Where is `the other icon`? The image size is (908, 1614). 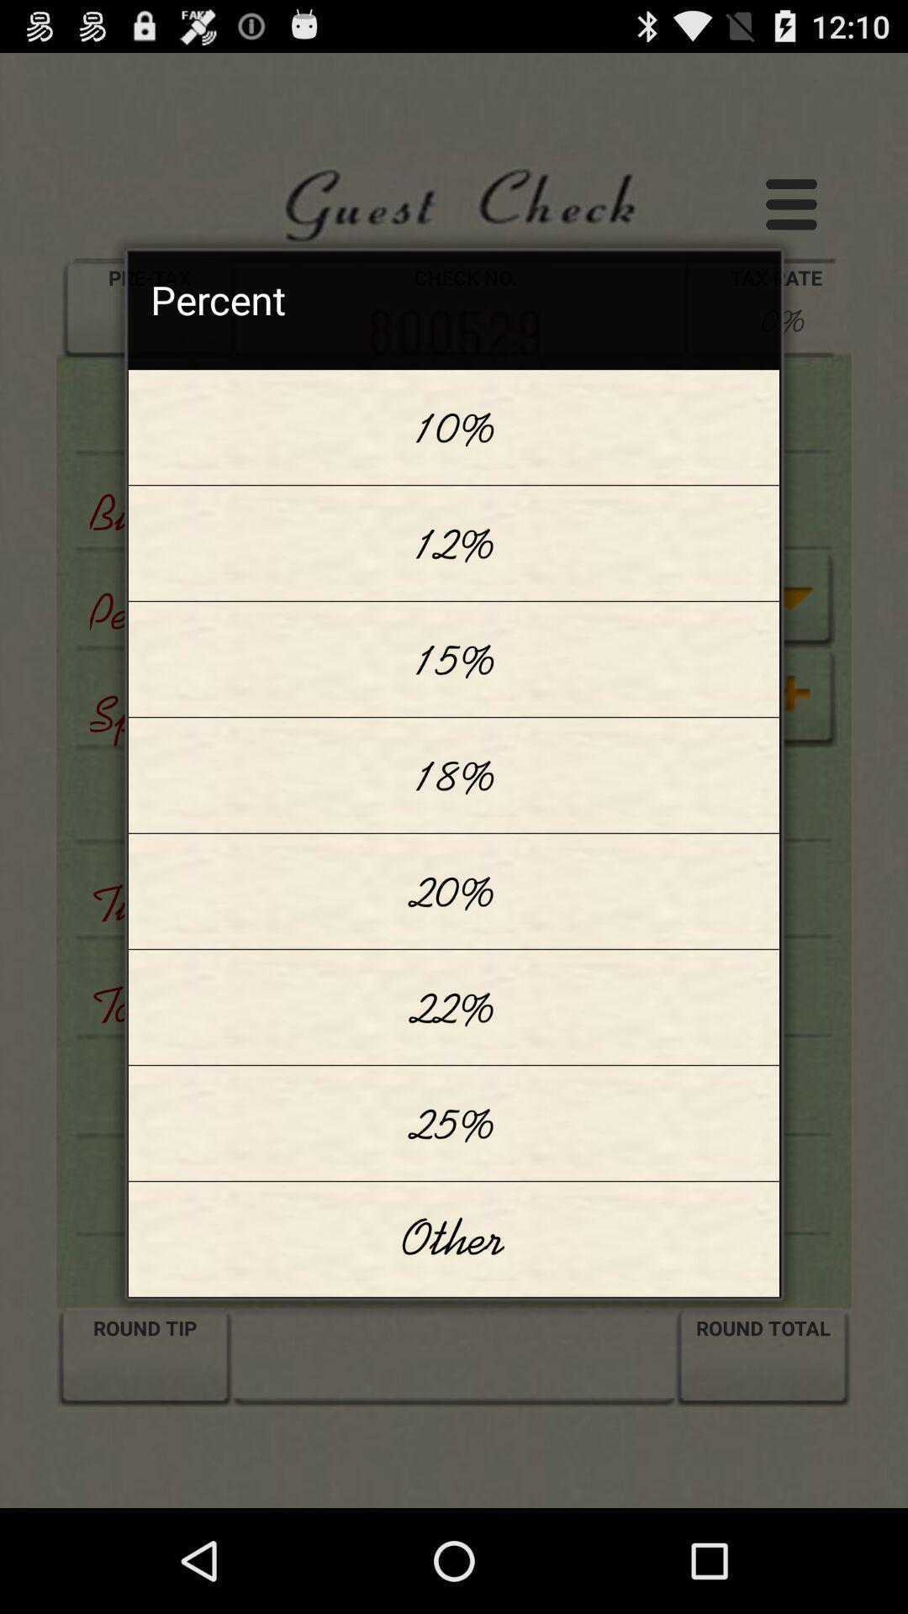
the other icon is located at coordinates (454, 1239).